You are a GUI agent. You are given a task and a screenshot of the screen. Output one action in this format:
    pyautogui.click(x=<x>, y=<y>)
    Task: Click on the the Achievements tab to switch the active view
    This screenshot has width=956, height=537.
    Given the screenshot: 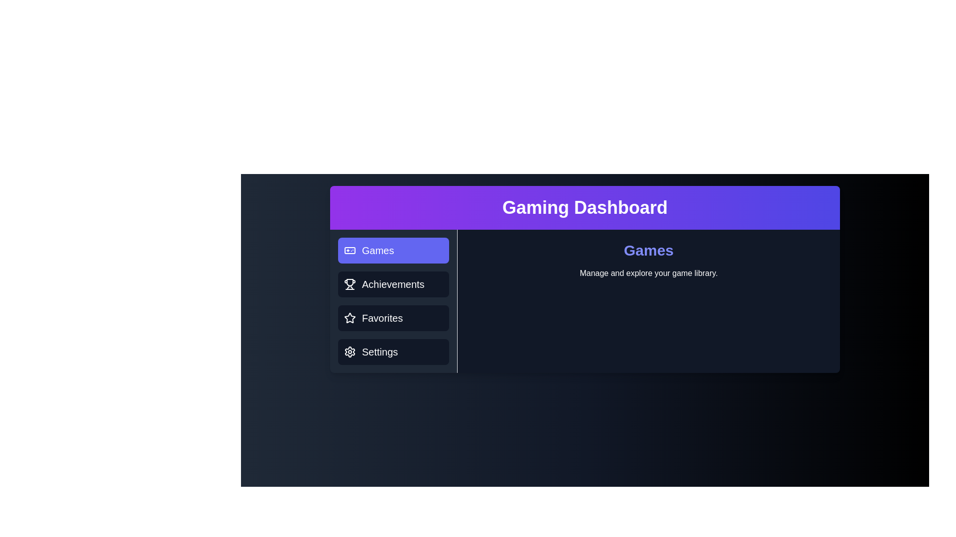 What is the action you would take?
    pyautogui.click(x=393, y=284)
    